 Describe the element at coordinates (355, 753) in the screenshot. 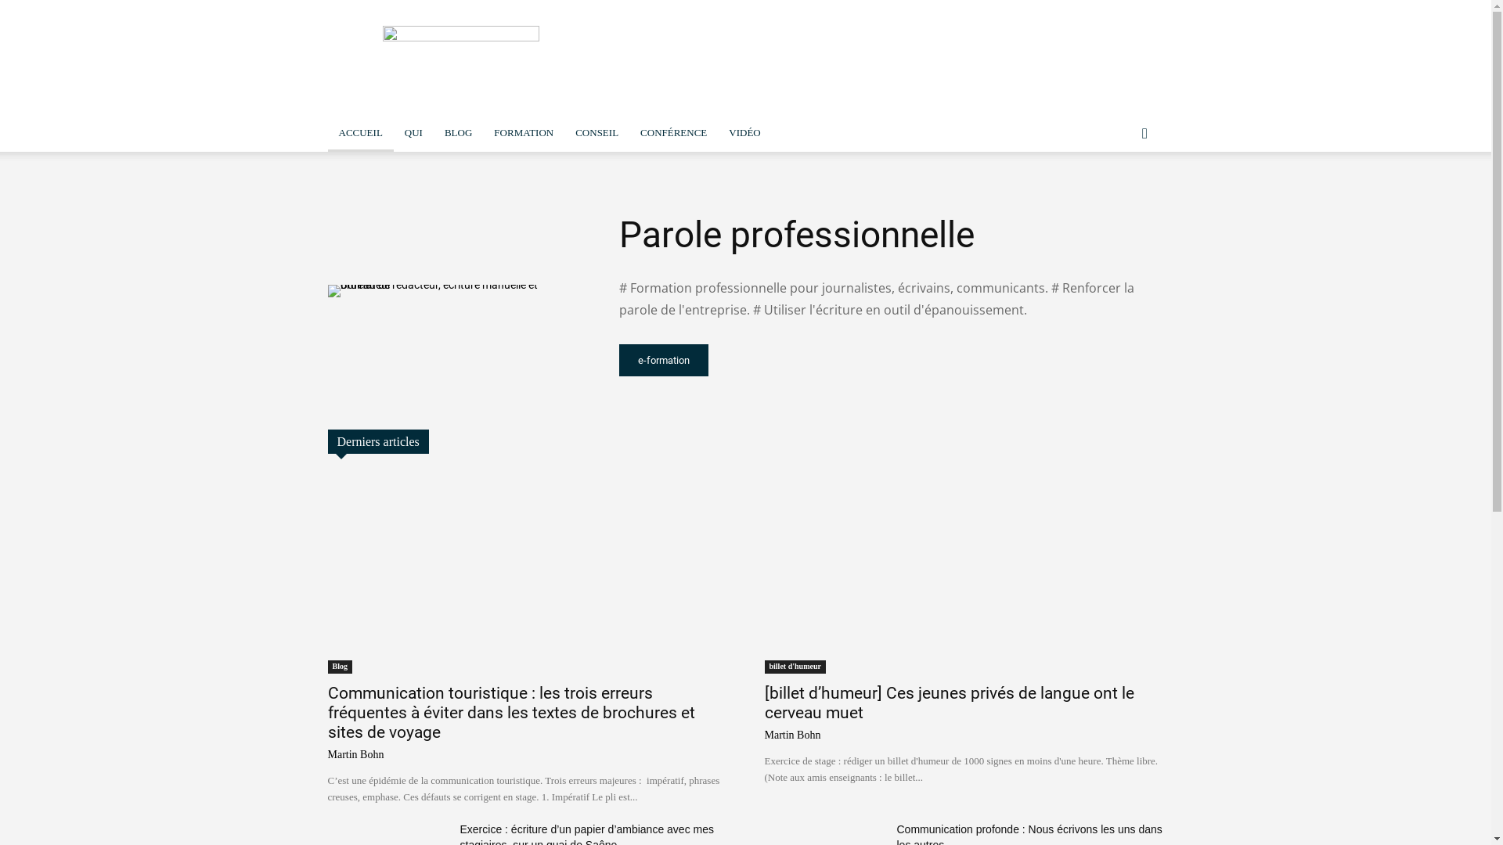

I see `'Martin Bohn'` at that location.